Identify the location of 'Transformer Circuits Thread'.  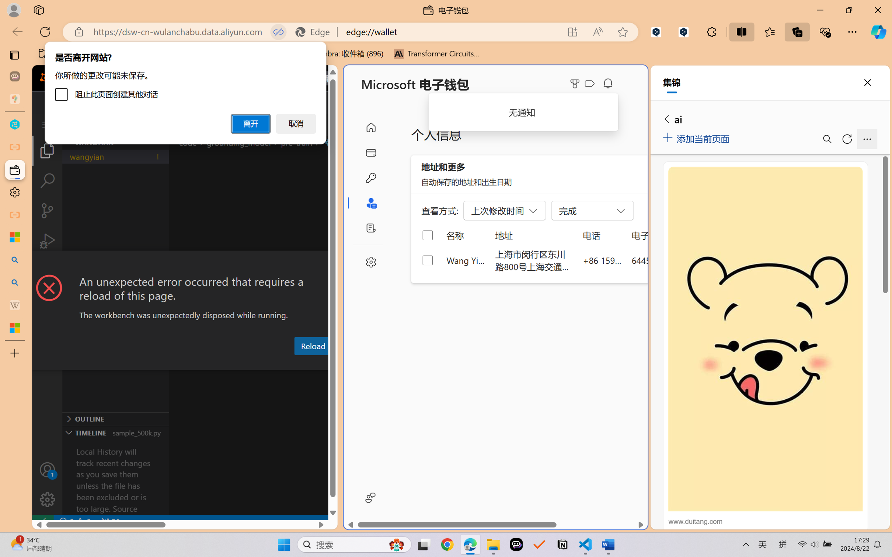
(436, 53).